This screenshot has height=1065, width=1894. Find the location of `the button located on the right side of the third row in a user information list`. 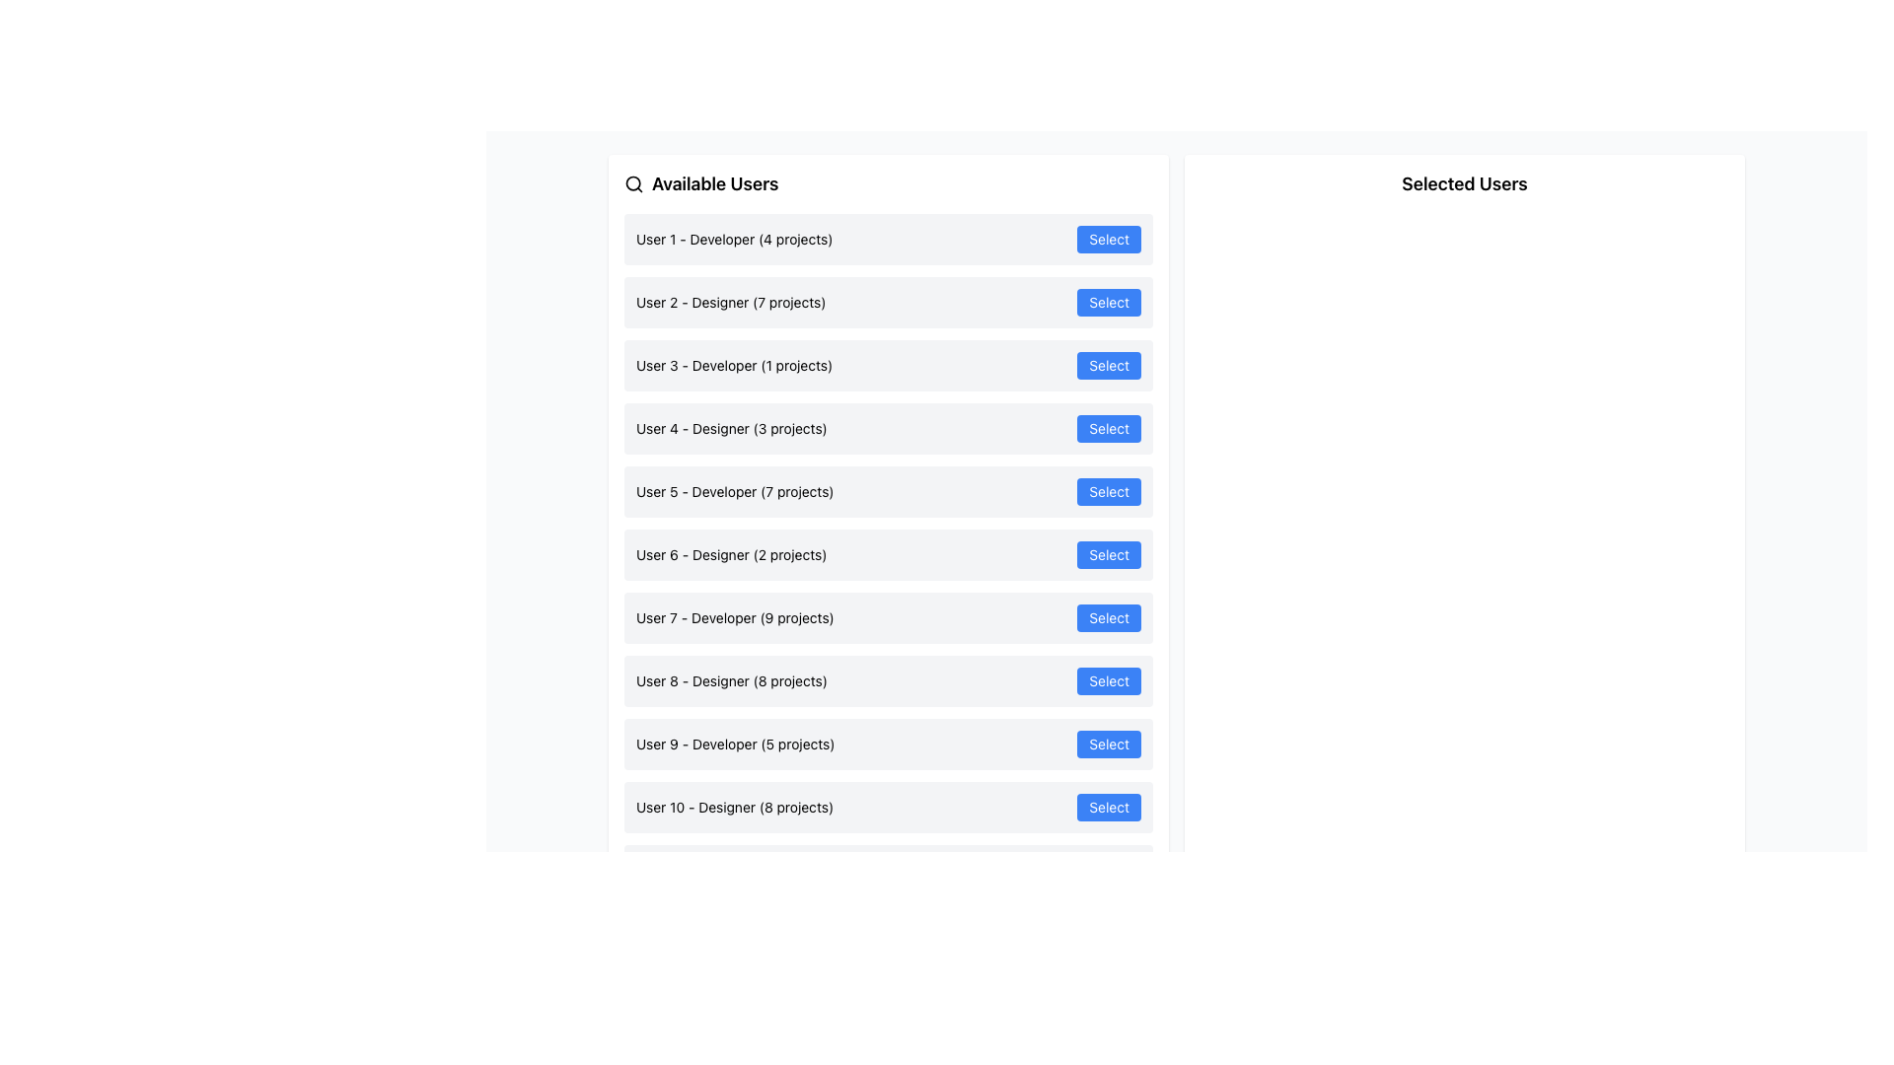

the button located on the right side of the third row in a user information list is located at coordinates (1109, 365).